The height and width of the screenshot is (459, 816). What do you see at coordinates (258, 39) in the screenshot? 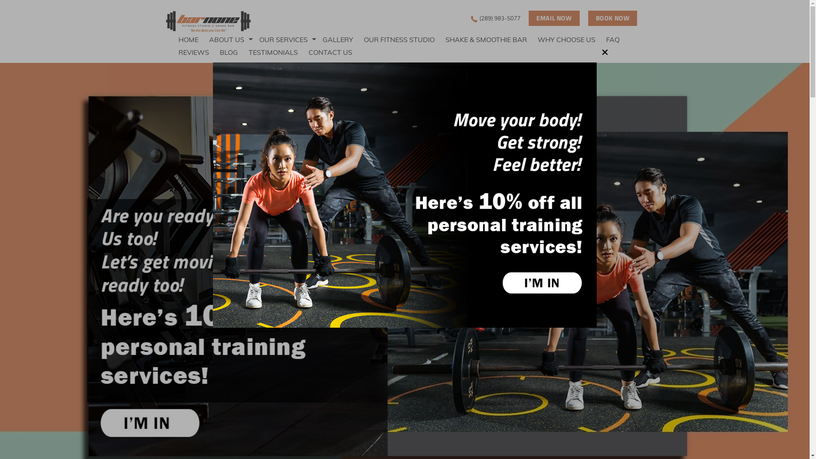
I see `'OUR SERVICES'` at bounding box center [258, 39].